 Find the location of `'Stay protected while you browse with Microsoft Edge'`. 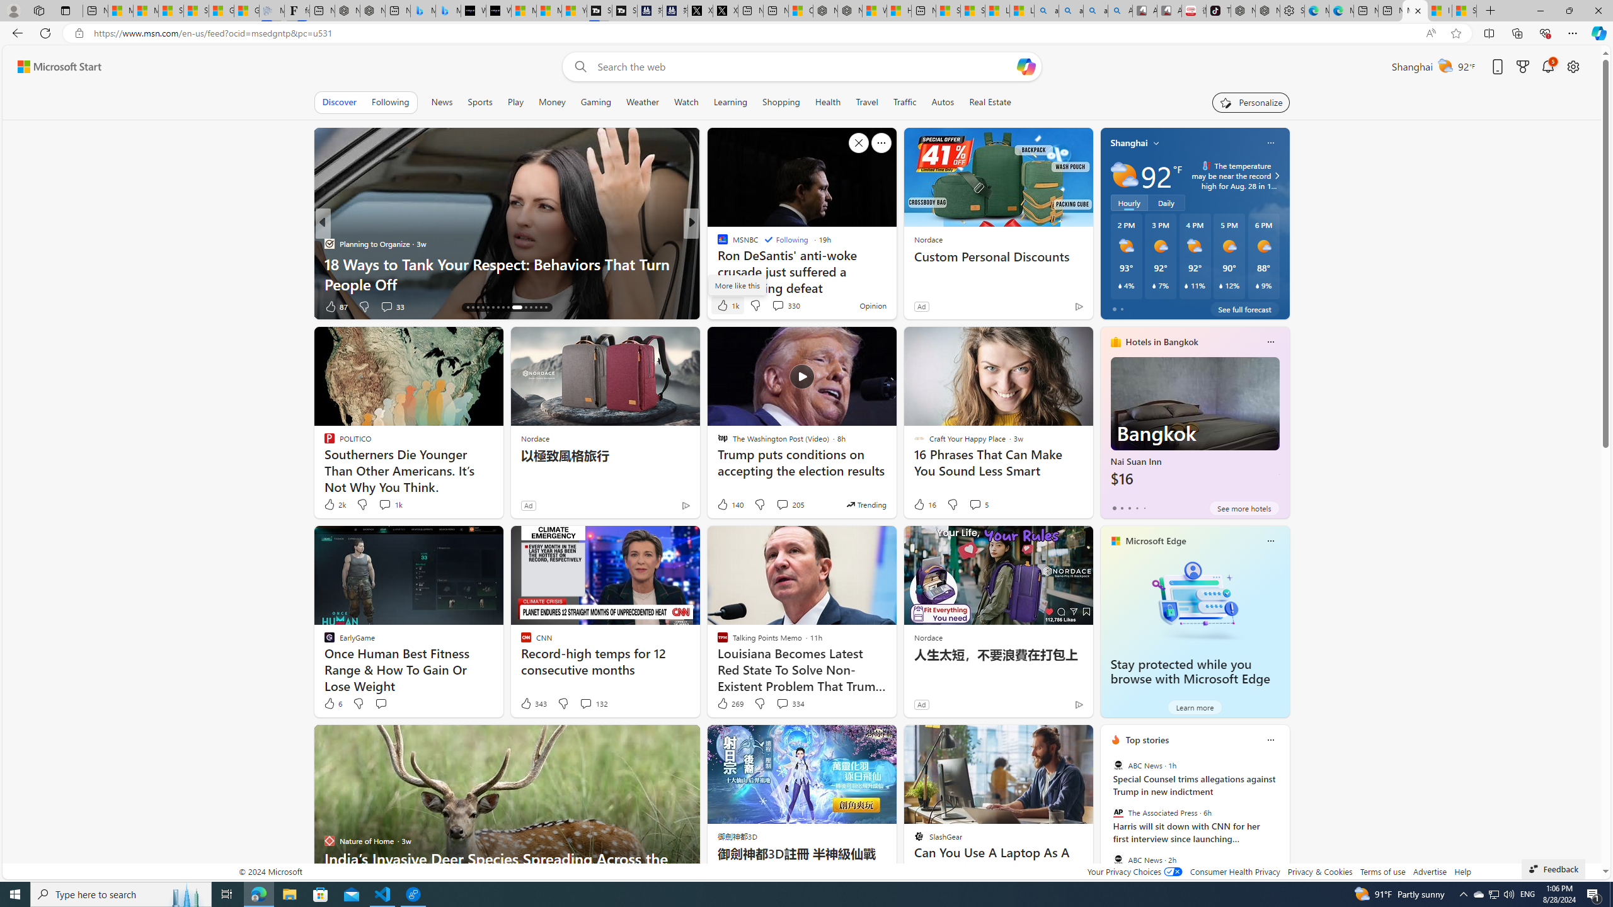

'Stay protected while you browse with Microsoft Edge' is located at coordinates (1194, 599).